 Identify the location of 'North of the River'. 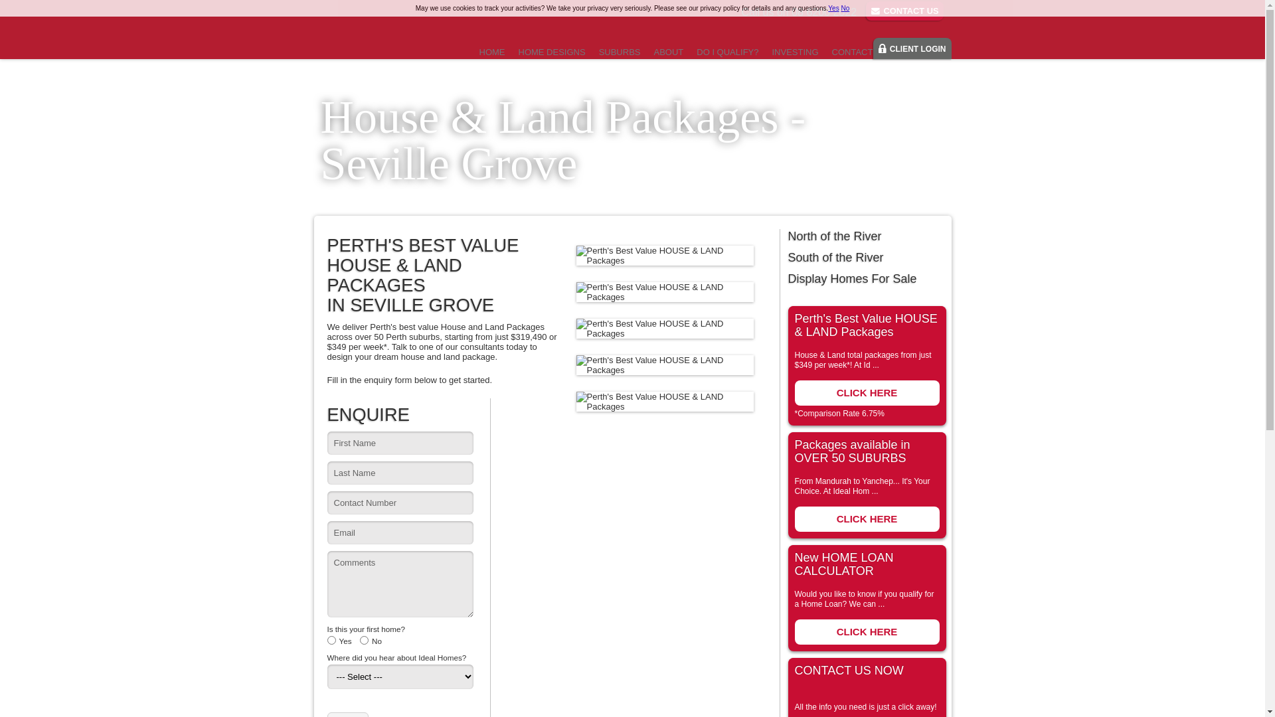
(866, 235).